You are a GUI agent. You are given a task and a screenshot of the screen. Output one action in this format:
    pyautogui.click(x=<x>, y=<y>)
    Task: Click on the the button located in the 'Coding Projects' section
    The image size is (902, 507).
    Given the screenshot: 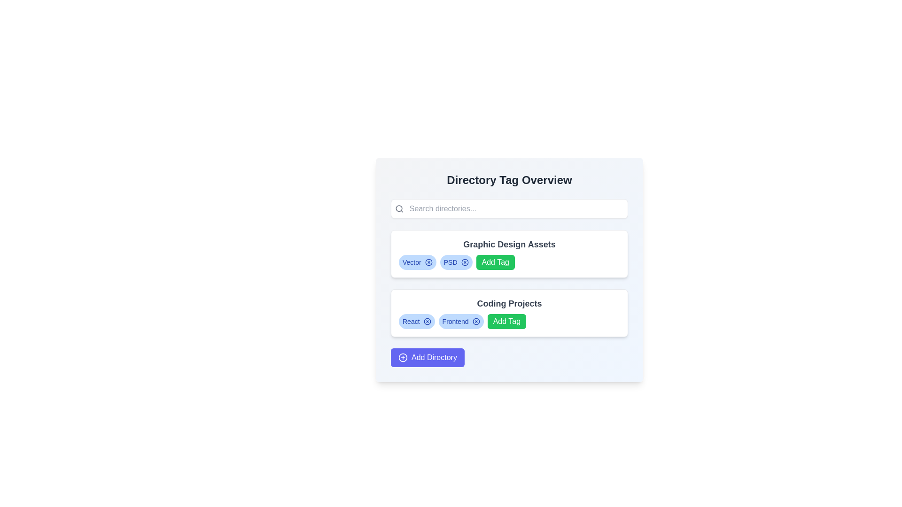 What is the action you would take?
    pyautogui.click(x=509, y=321)
    